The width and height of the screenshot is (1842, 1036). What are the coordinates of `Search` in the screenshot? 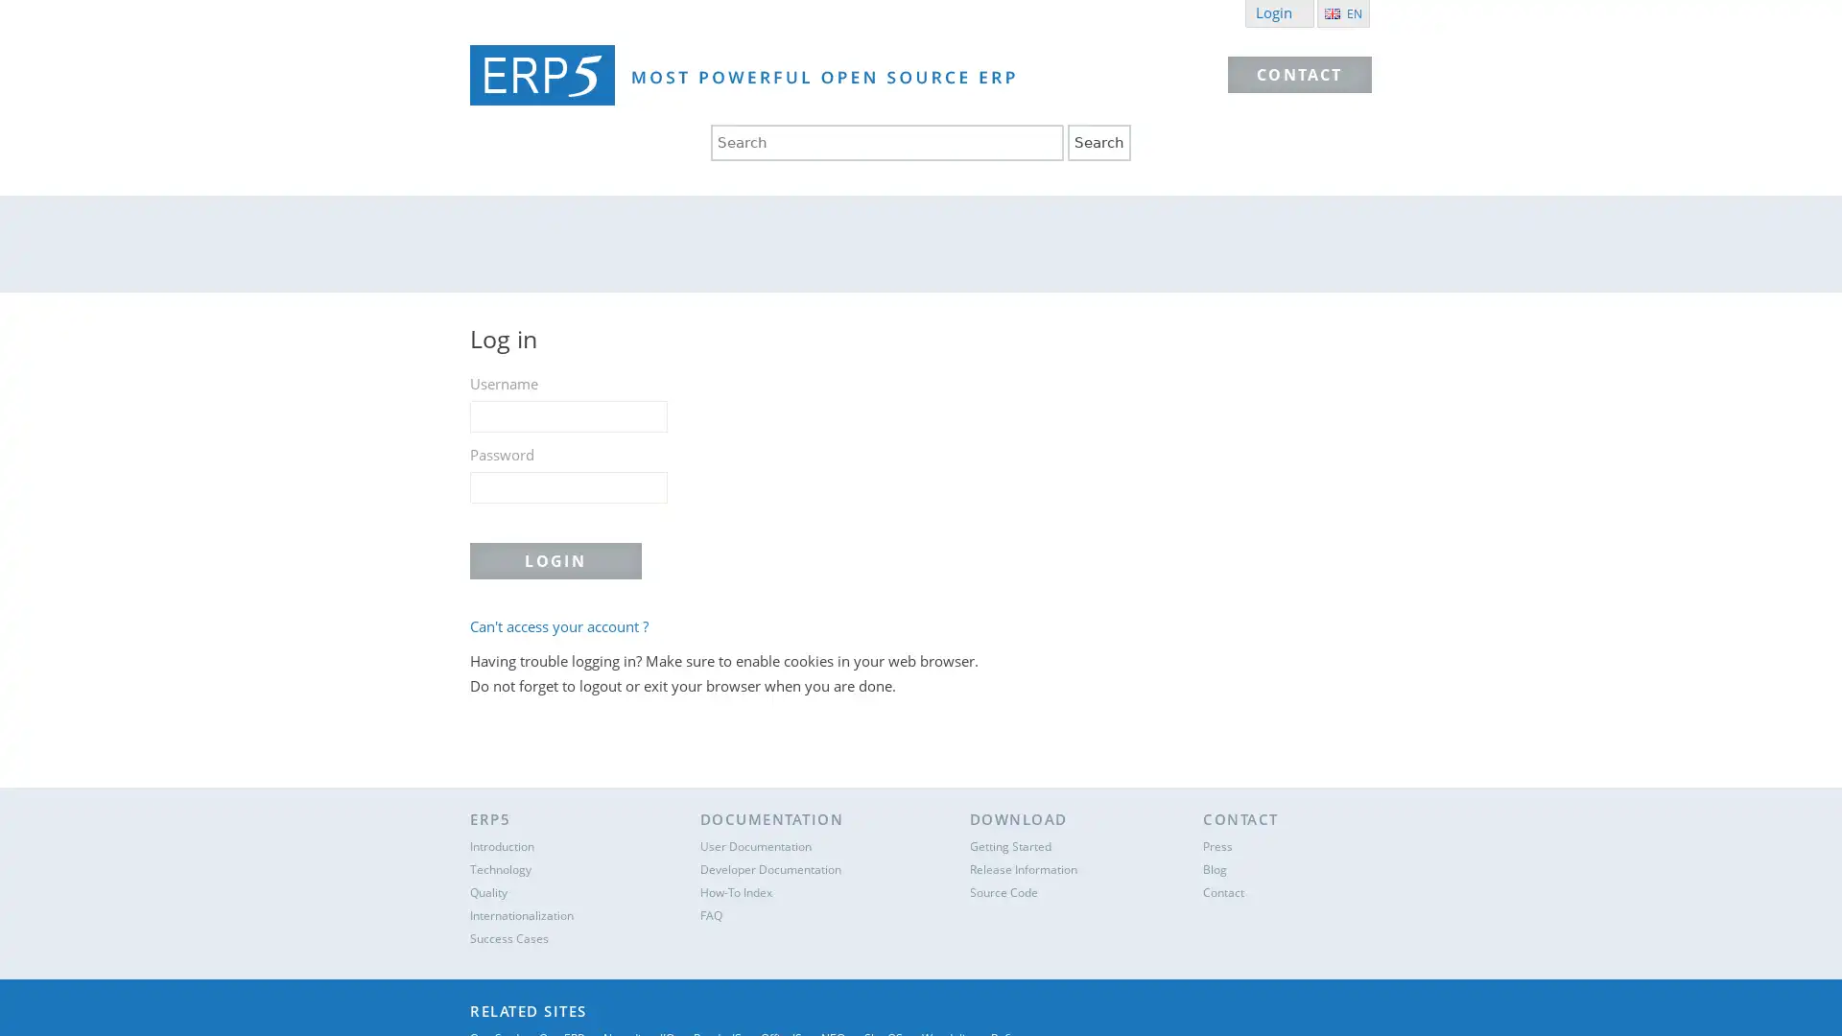 It's located at (1099, 142).